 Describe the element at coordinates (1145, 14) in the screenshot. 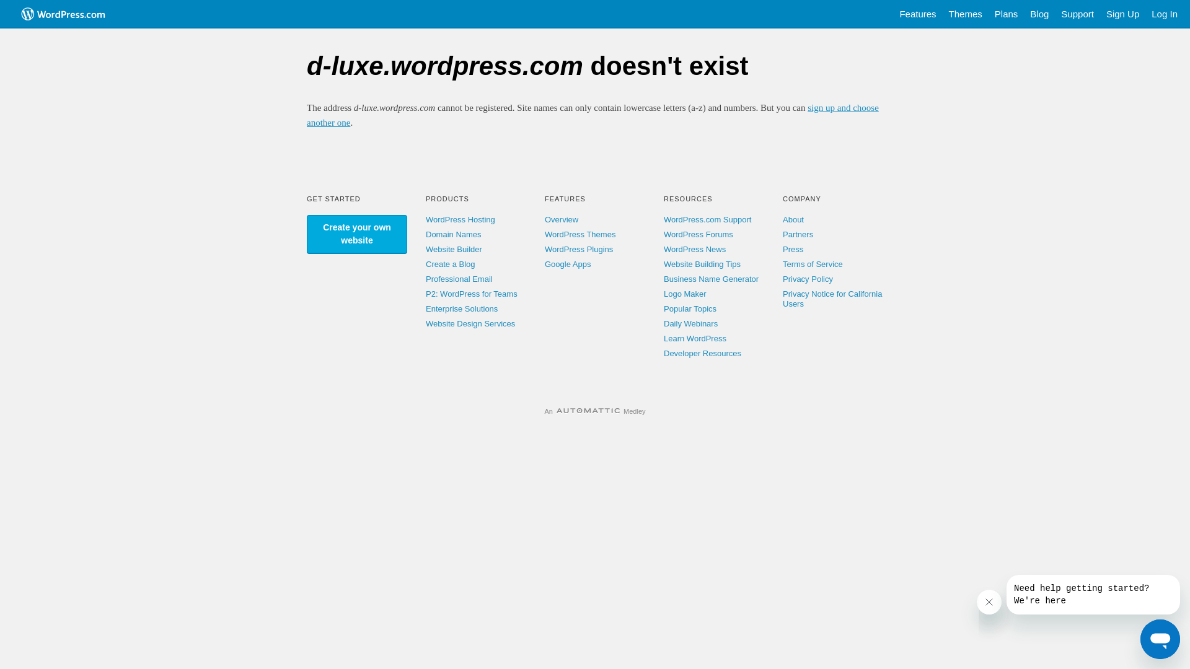

I see `'Log In'` at that location.